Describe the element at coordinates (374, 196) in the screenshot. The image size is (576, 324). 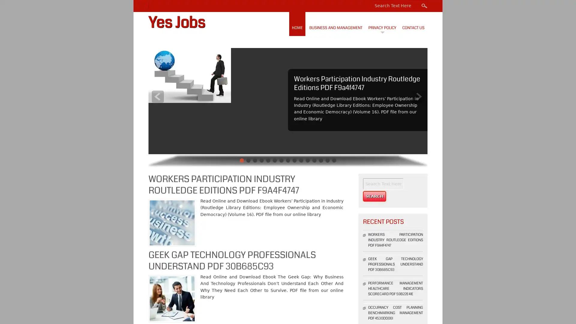
I see `Search` at that location.